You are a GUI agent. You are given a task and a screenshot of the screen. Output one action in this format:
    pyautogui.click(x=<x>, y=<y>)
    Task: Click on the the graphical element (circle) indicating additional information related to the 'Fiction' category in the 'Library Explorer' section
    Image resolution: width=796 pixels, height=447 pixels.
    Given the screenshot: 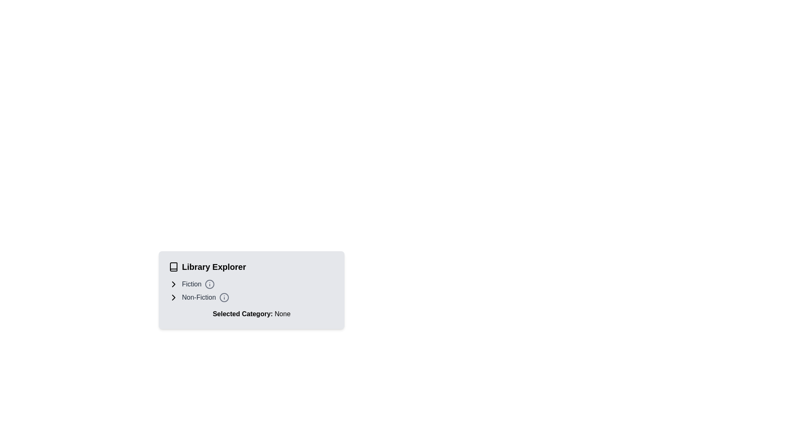 What is the action you would take?
    pyautogui.click(x=210, y=284)
    